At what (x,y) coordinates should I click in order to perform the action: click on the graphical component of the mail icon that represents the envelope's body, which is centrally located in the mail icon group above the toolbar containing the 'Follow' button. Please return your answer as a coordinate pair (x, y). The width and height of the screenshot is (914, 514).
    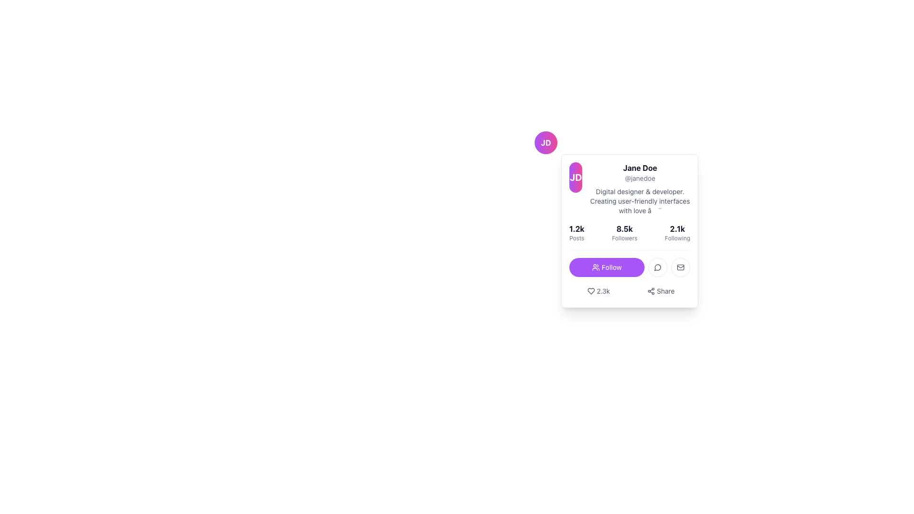
    Looking at the image, I should click on (680, 267).